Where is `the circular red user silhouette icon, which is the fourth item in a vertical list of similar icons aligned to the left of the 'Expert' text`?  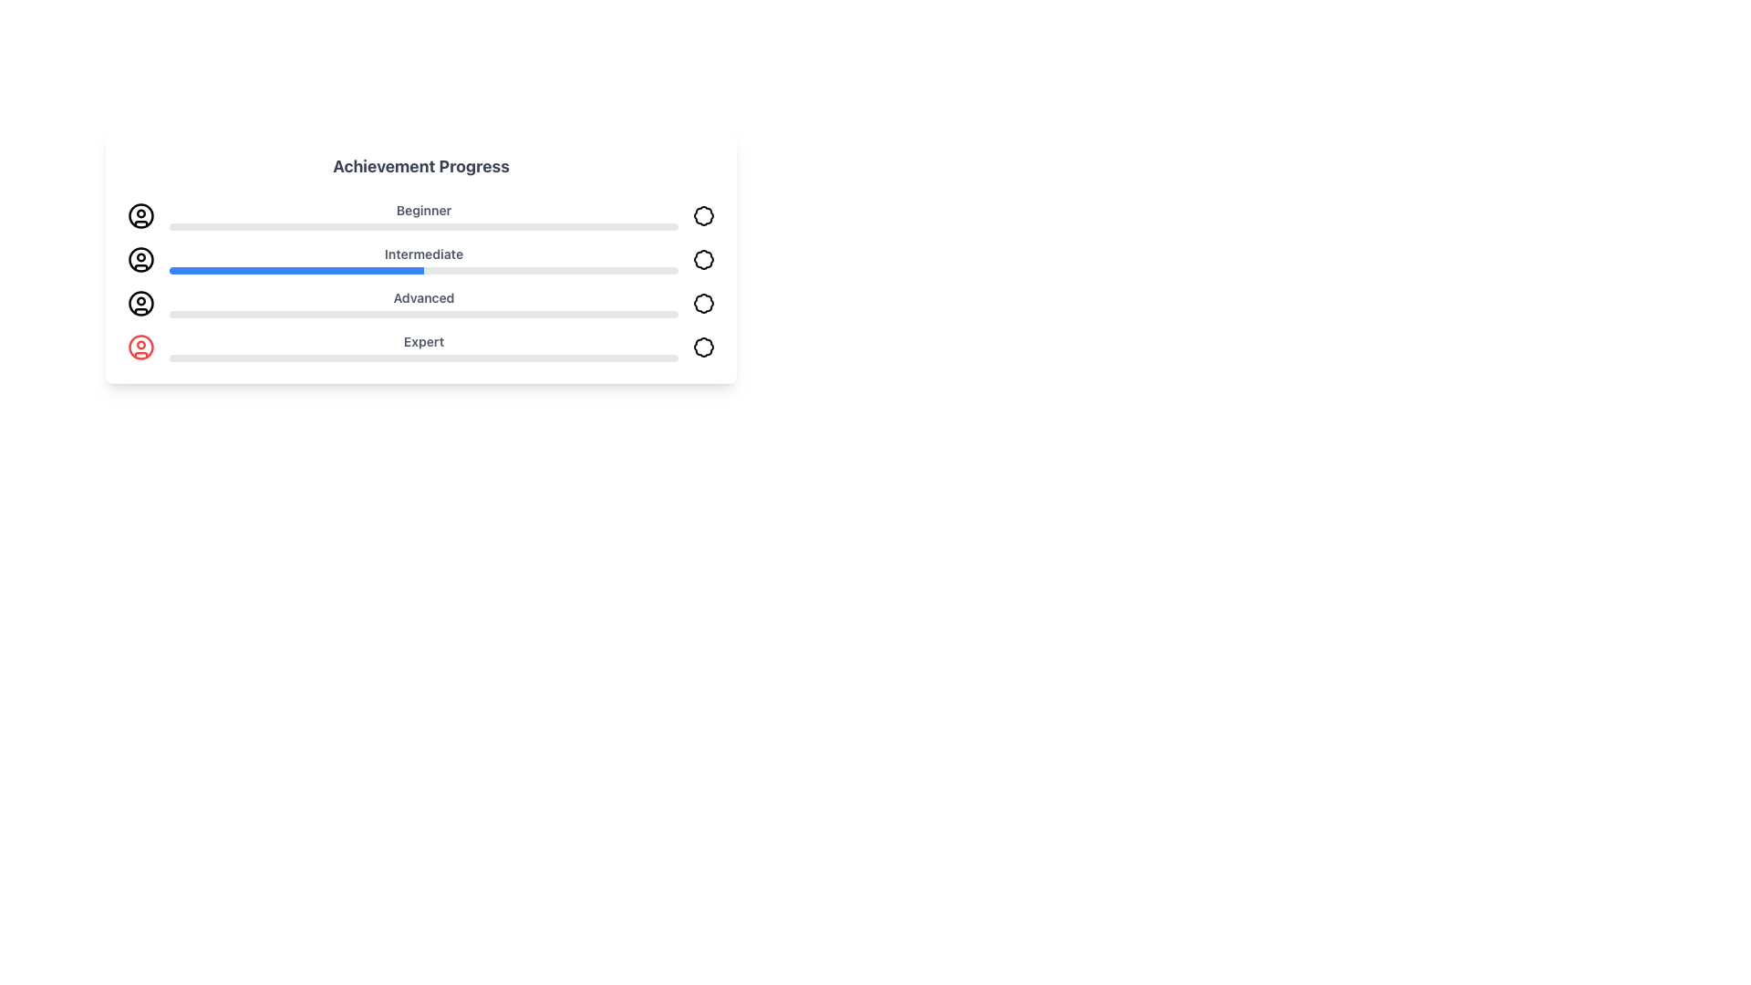 the circular red user silhouette icon, which is the fourth item in a vertical list of similar icons aligned to the left of the 'Expert' text is located at coordinates (140, 347).